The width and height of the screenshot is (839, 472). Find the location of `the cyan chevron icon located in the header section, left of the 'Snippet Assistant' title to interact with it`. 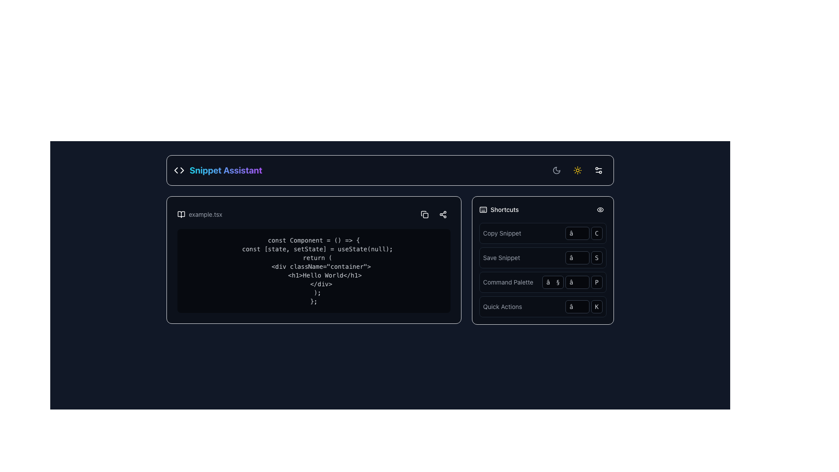

the cyan chevron icon located in the header section, left of the 'Snippet Assistant' title to interact with it is located at coordinates (178, 170).